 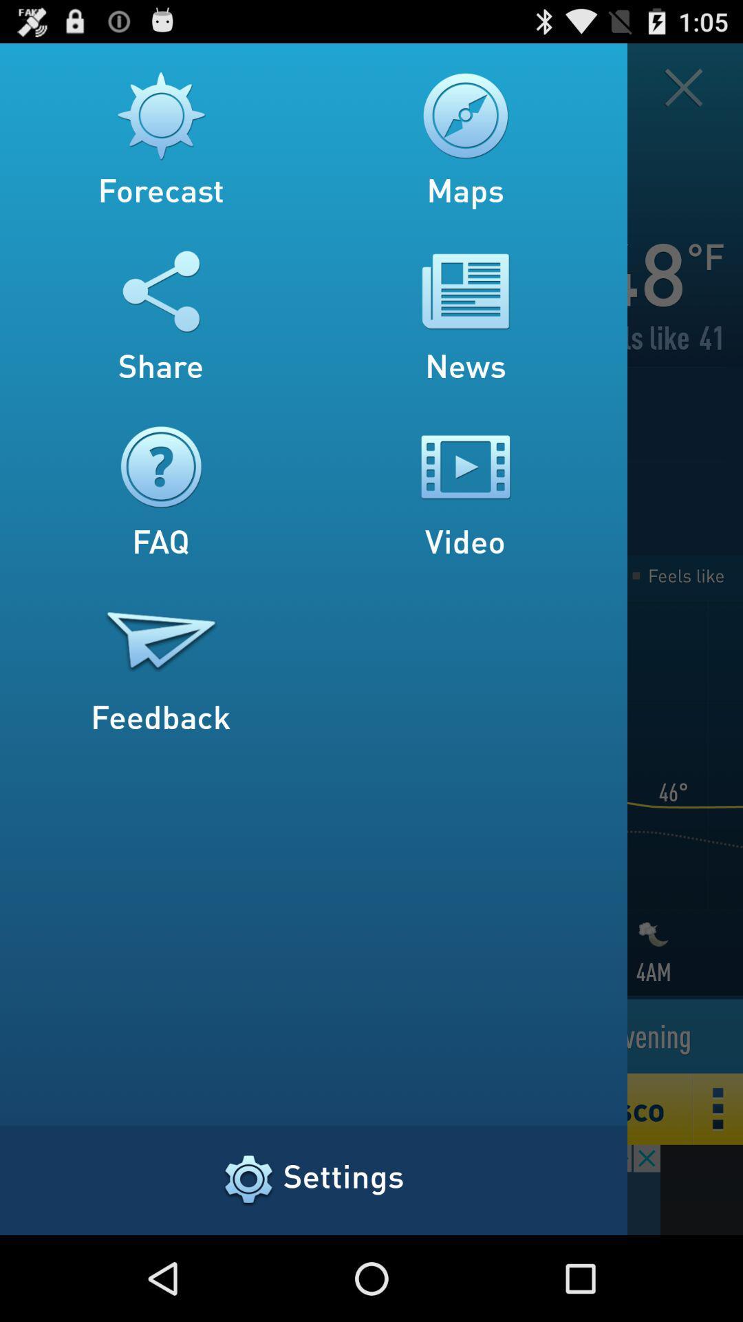 What do you see at coordinates (718, 1186) in the screenshot?
I see `the more icon` at bounding box center [718, 1186].